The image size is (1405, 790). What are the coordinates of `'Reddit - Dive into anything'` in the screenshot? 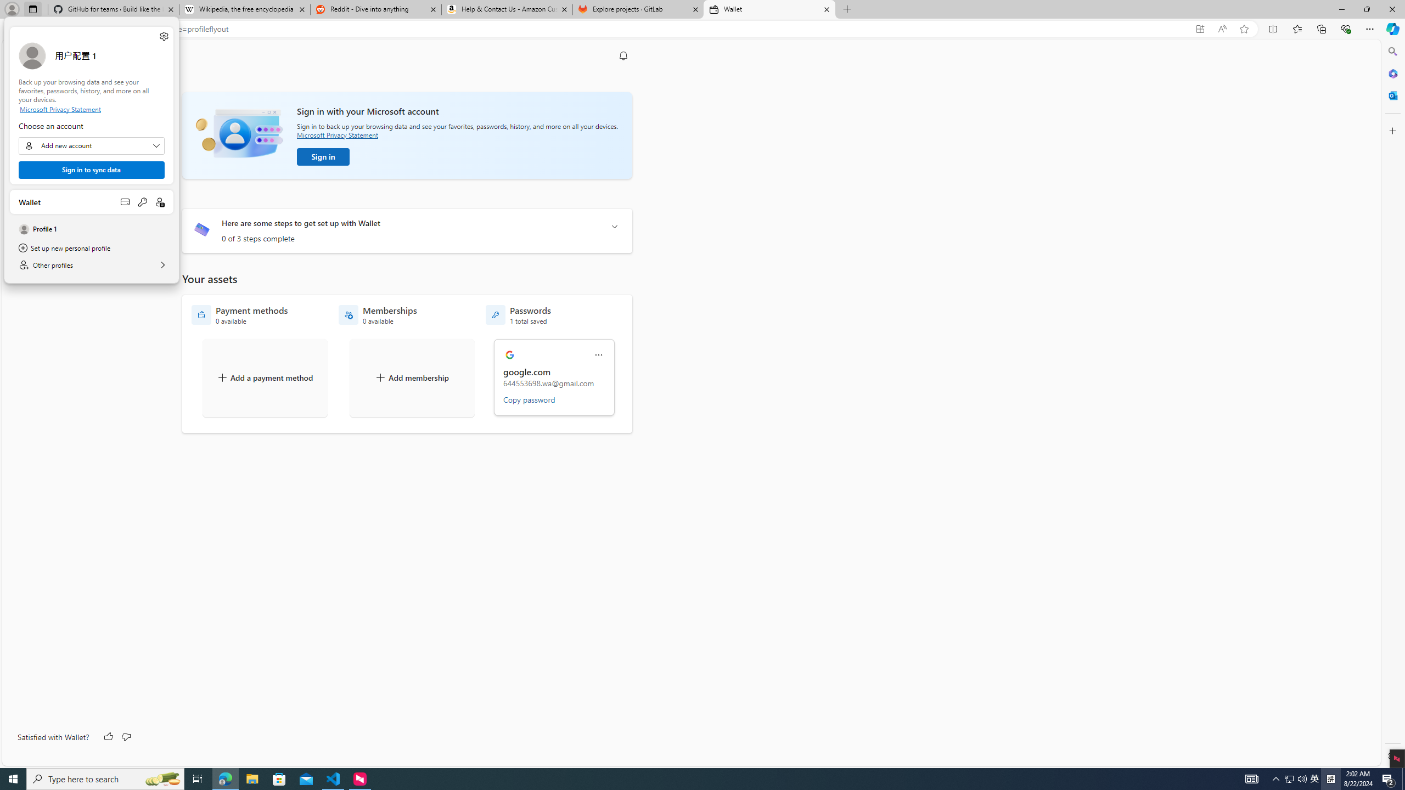 It's located at (376, 9).